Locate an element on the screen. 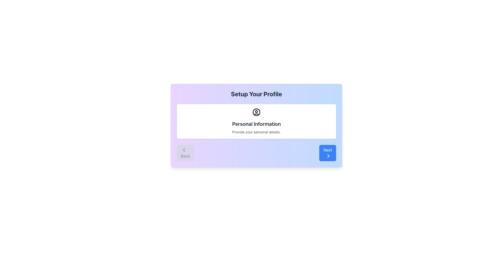  the left arrow SVG icon representing the 'Back' action, located on the bottom left corner of the 'Setup Your Profile' form is located at coordinates (184, 150).